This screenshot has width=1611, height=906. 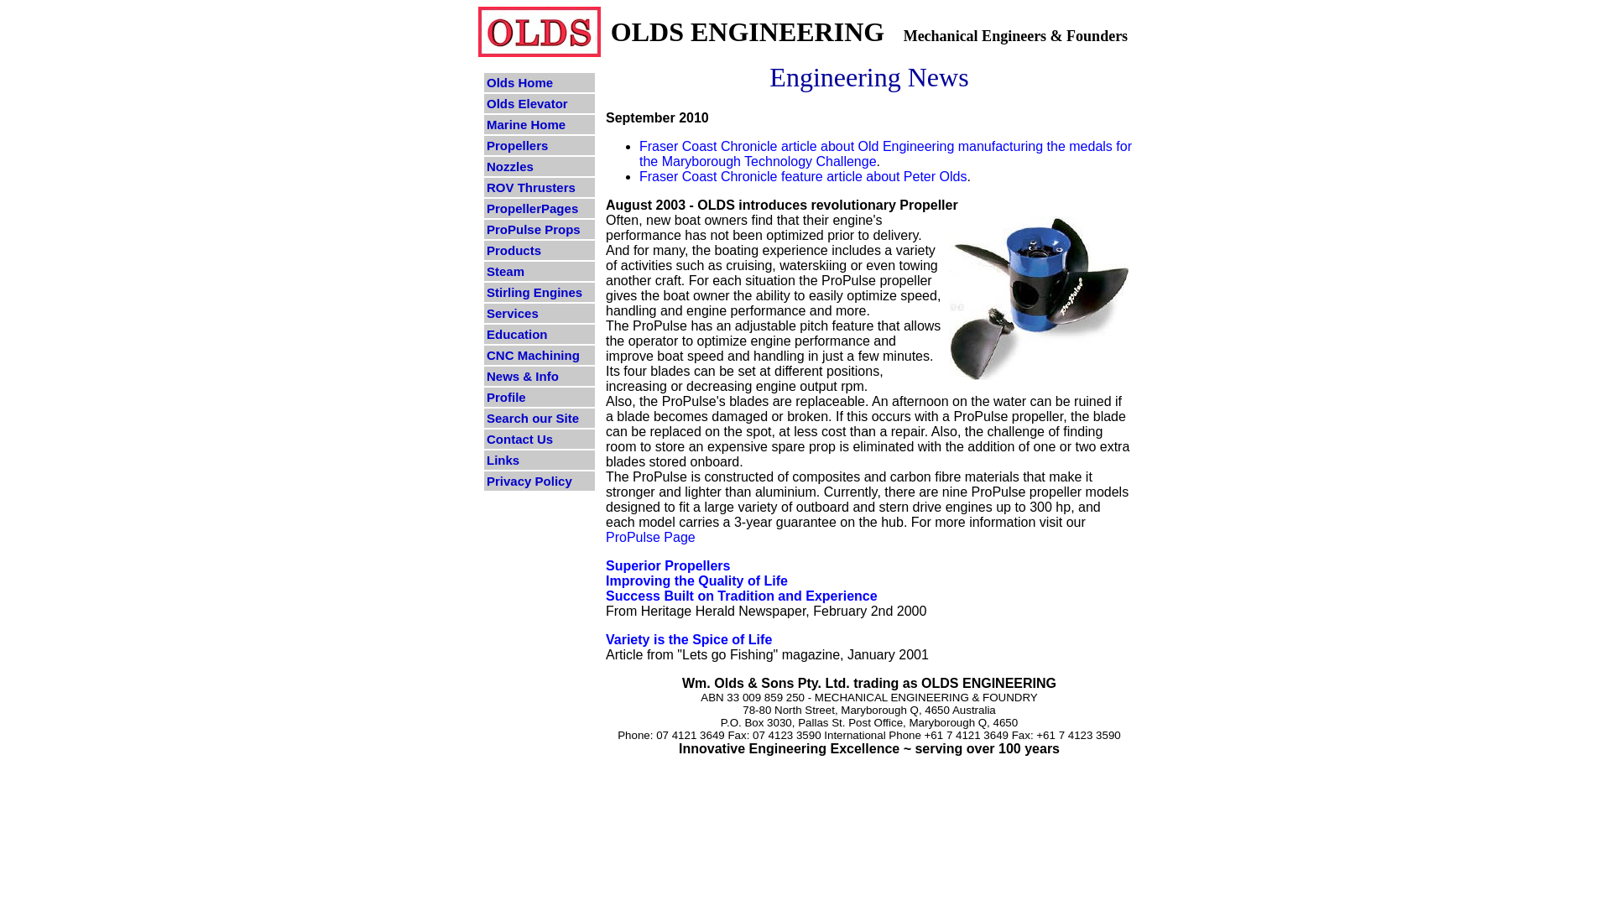 I want to click on 'ProPulse Props', so click(x=482, y=229).